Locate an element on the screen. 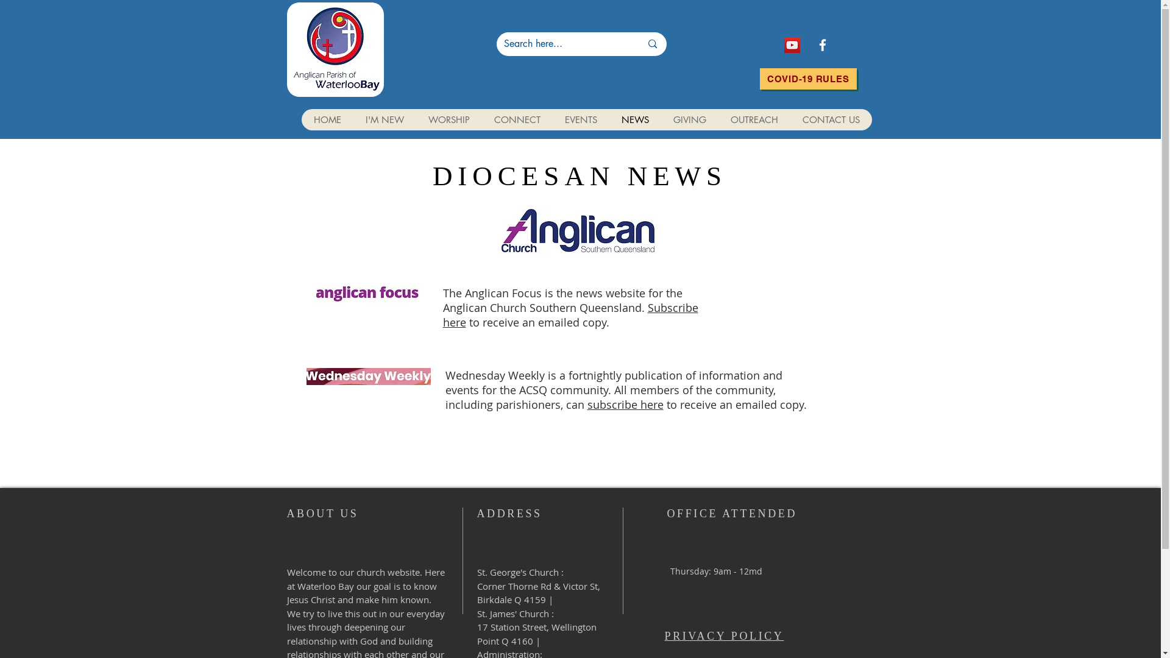 The image size is (1170, 658). 'WORSHIP' is located at coordinates (447, 119).